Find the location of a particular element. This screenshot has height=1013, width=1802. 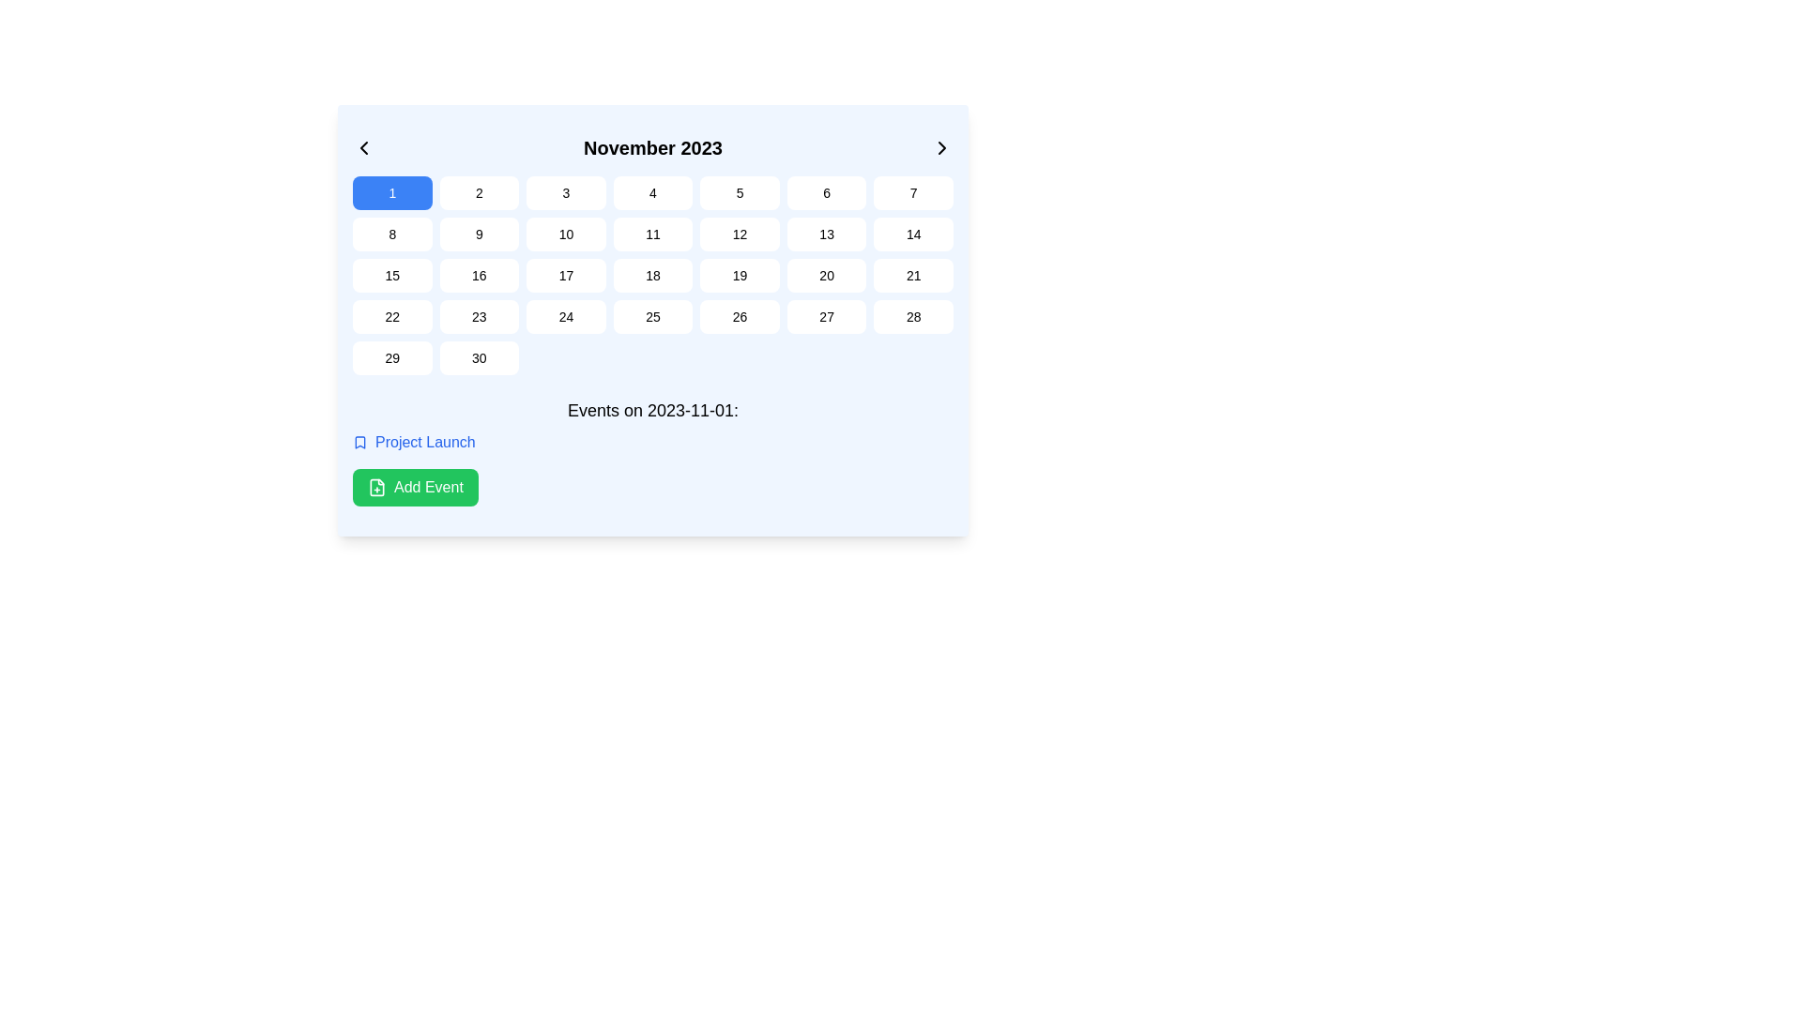

the button representing the 25th date in the calendar is located at coordinates (653, 316).